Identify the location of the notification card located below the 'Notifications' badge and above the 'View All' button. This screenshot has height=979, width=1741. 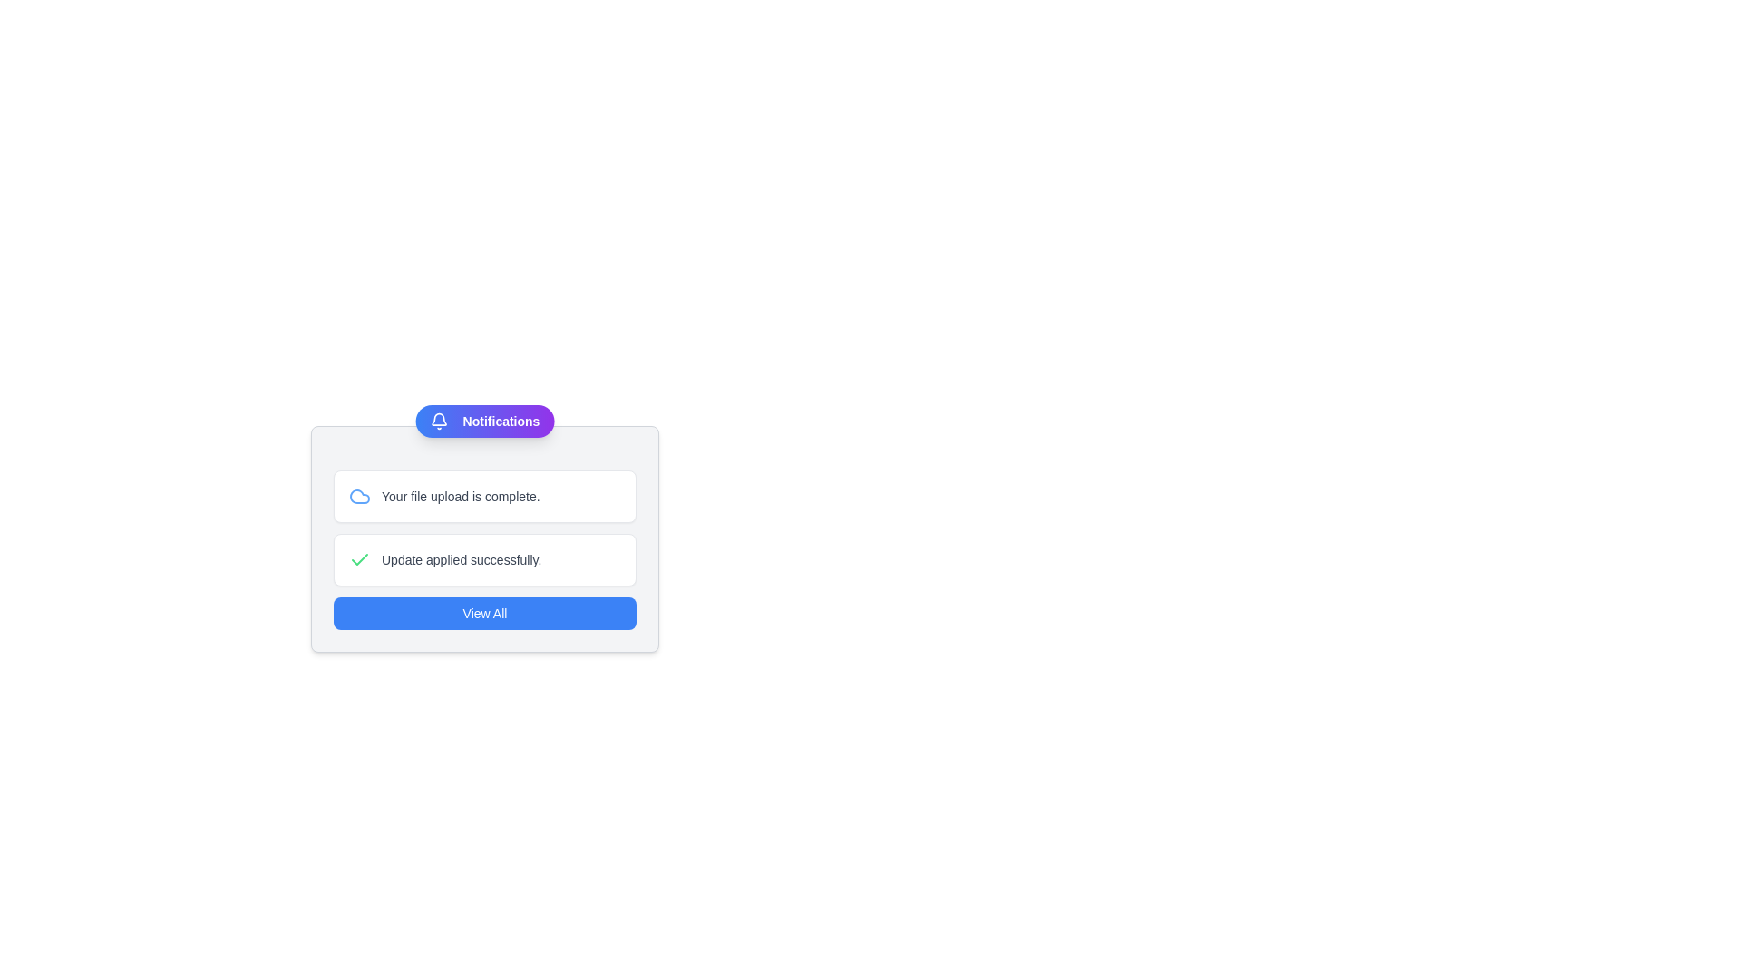
(484, 538).